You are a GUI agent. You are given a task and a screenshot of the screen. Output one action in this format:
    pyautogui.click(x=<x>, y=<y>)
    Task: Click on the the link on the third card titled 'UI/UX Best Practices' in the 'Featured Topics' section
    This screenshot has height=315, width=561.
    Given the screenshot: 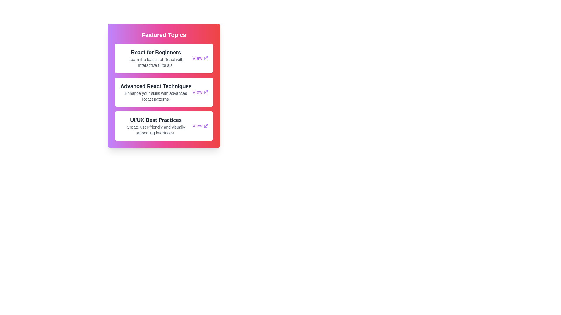 What is the action you would take?
    pyautogui.click(x=164, y=126)
    